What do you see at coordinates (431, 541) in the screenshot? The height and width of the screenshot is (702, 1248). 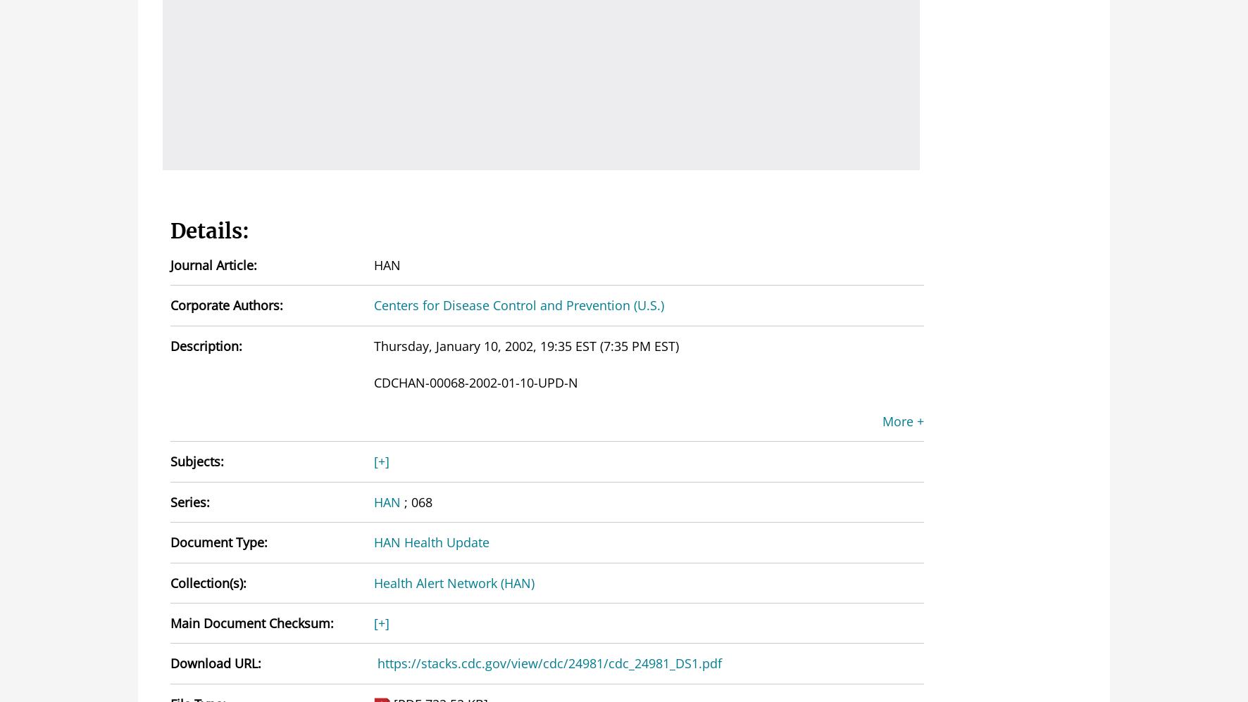 I see `'HAN Health Update'` at bounding box center [431, 541].